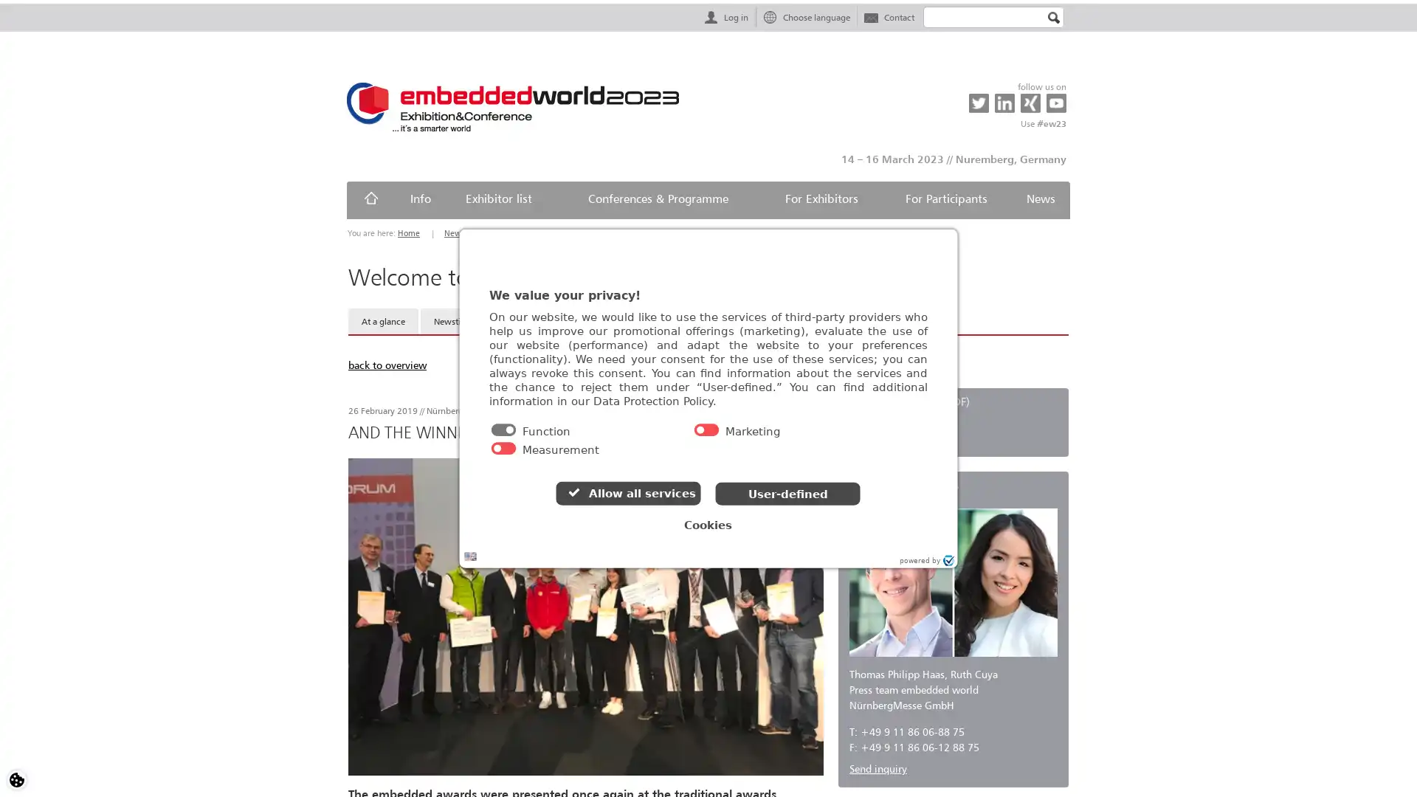 This screenshot has width=1417, height=797. What do you see at coordinates (599, 320) in the screenshot?
I see `Photos` at bounding box center [599, 320].